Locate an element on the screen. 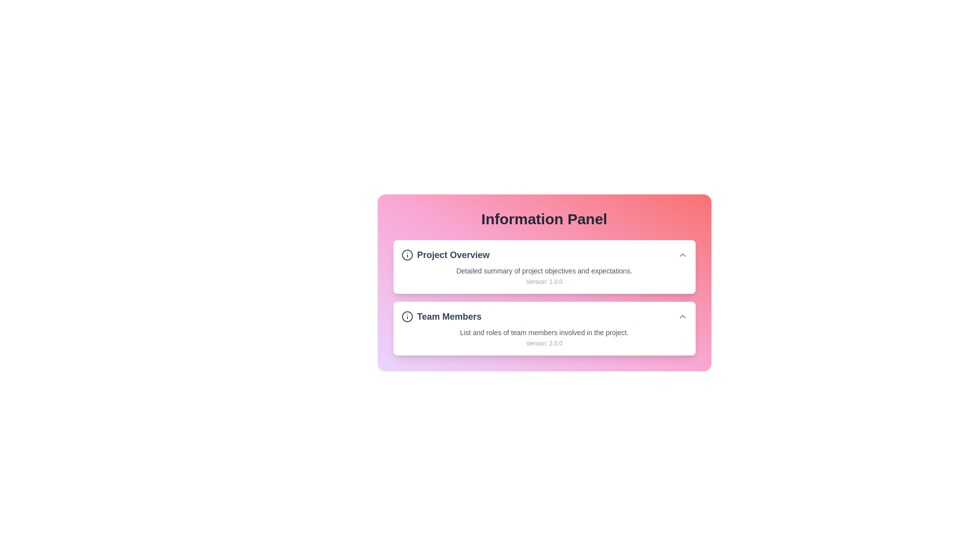 The width and height of the screenshot is (954, 537). the second informational card in the Information Panel is located at coordinates (544, 328).